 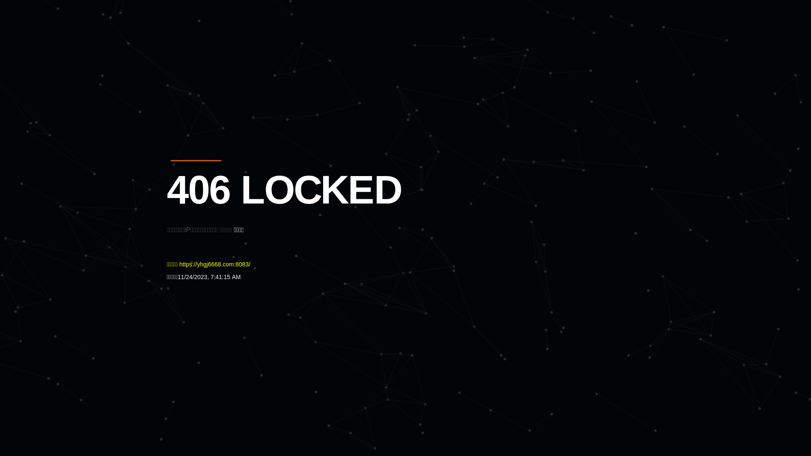 I want to click on 'Quatro', so click(x=229, y=48).